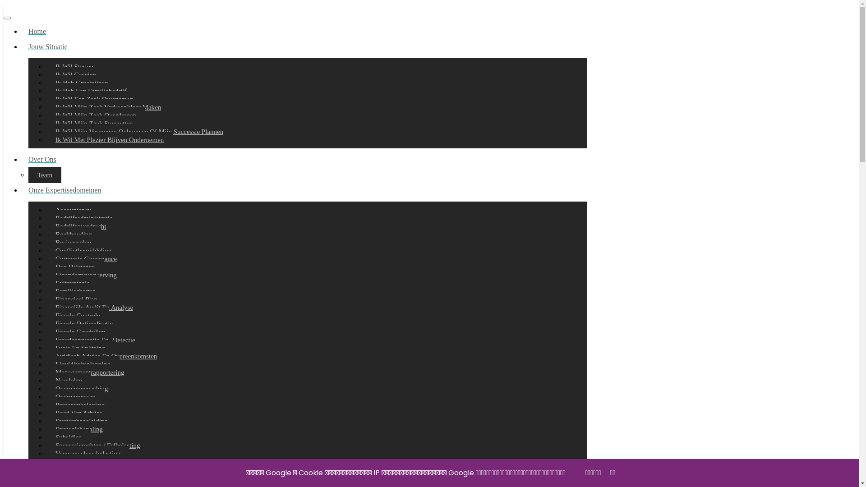 The width and height of the screenshot is (866, 487). What do you see at coordinates (44, 175) in the screenshot?
I see `'Team'` at bounding box center [44, 175].